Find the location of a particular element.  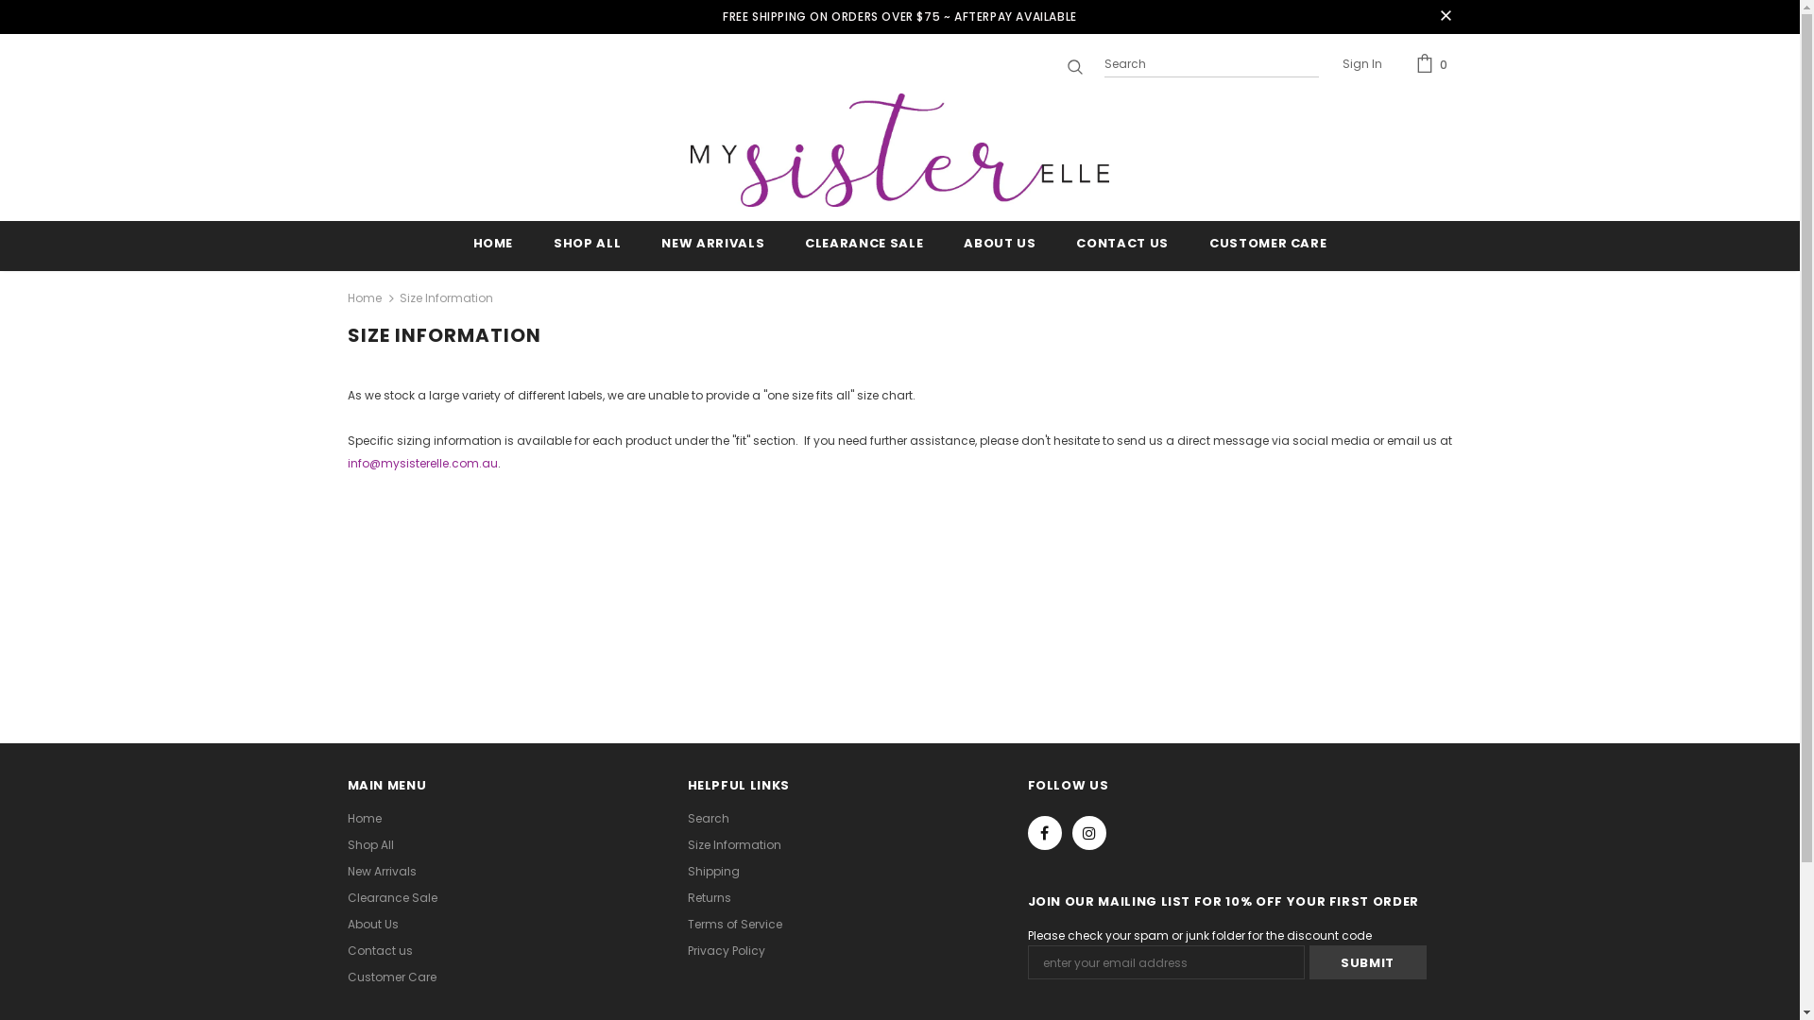

'Privacy Policy' is located at coordinates (687, 950).